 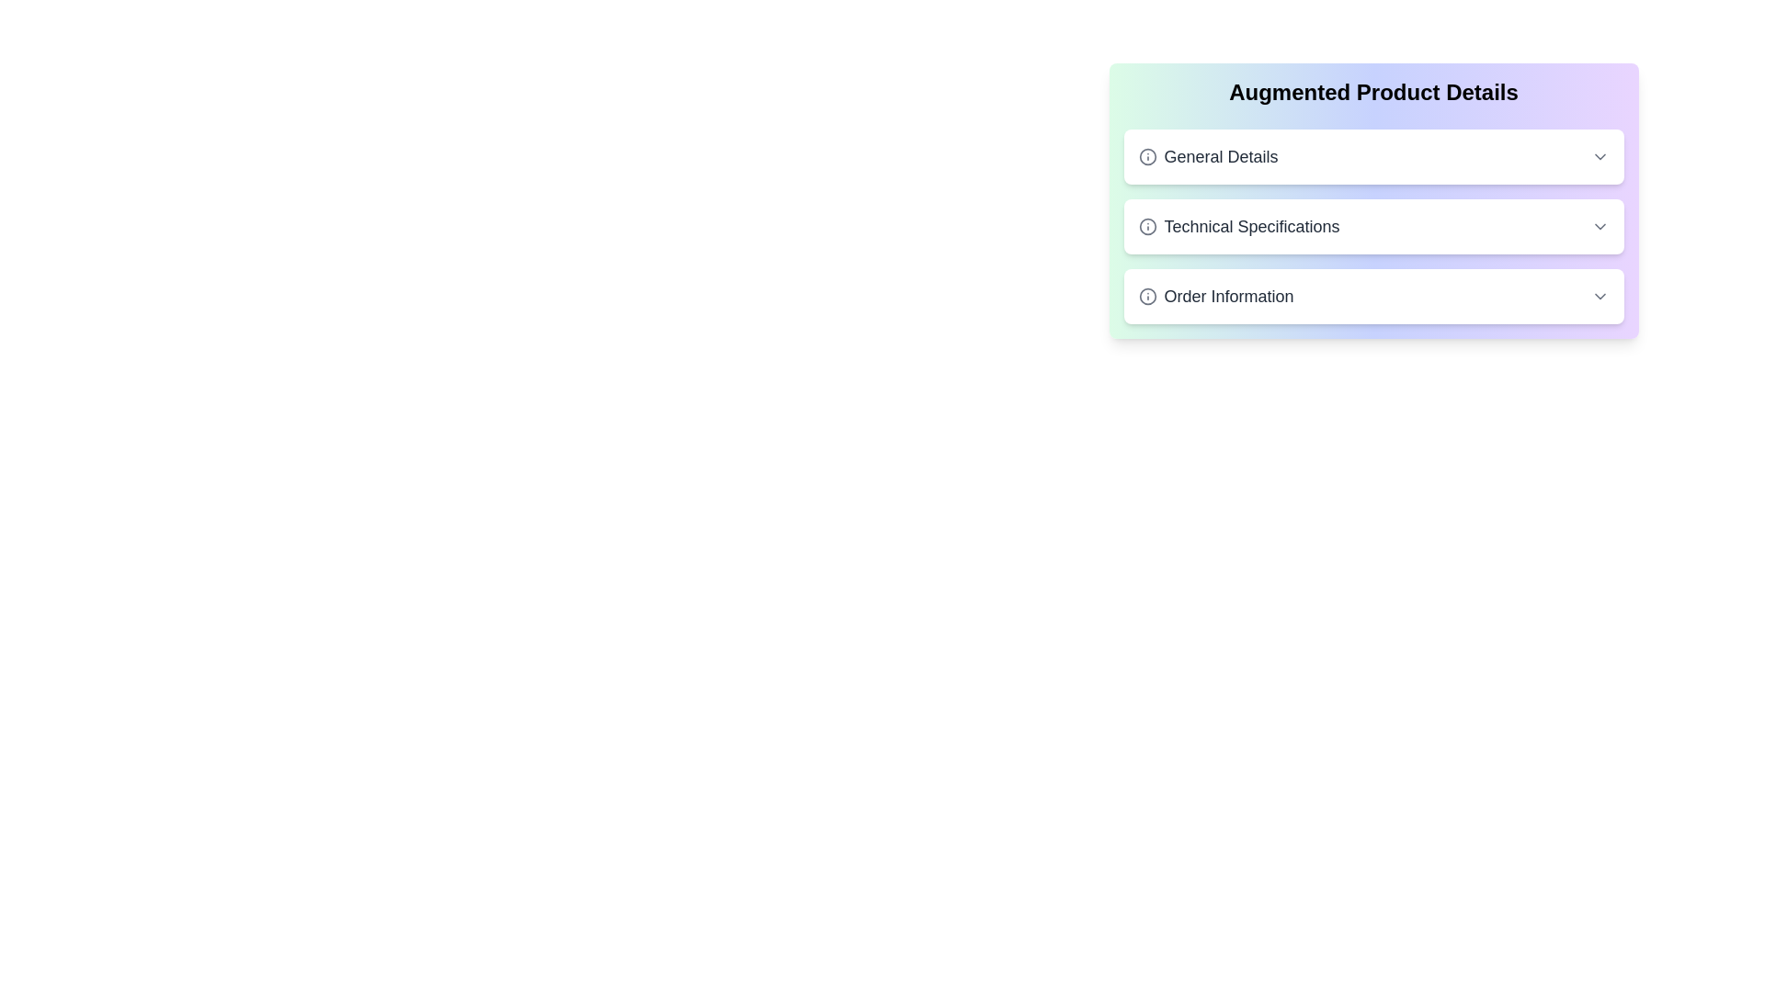 I want to click on the downward-pointing chevron icon styled in light gray at the end of the 'Order Information' section header, so click(x=1599, y=296).